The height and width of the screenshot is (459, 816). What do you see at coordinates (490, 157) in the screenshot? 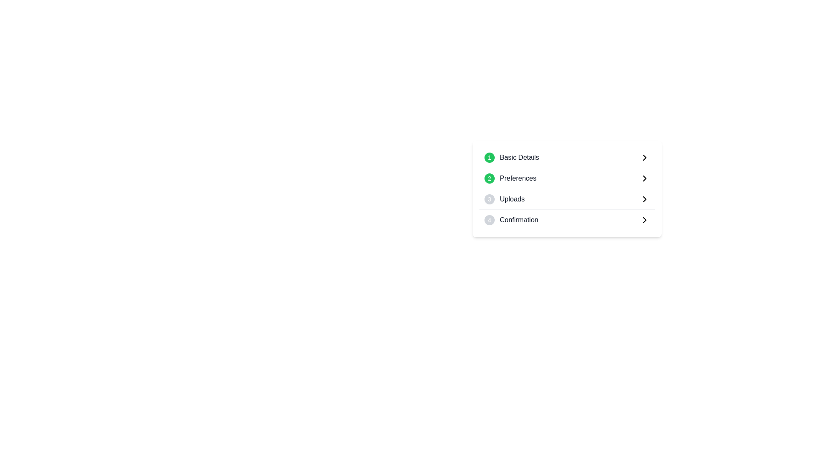
I see `the Circular indicator with text, which serves as a visual marker for the first step in a multi-step process, located to the left of 'Basic Details'` at bounding box center [490, 157].